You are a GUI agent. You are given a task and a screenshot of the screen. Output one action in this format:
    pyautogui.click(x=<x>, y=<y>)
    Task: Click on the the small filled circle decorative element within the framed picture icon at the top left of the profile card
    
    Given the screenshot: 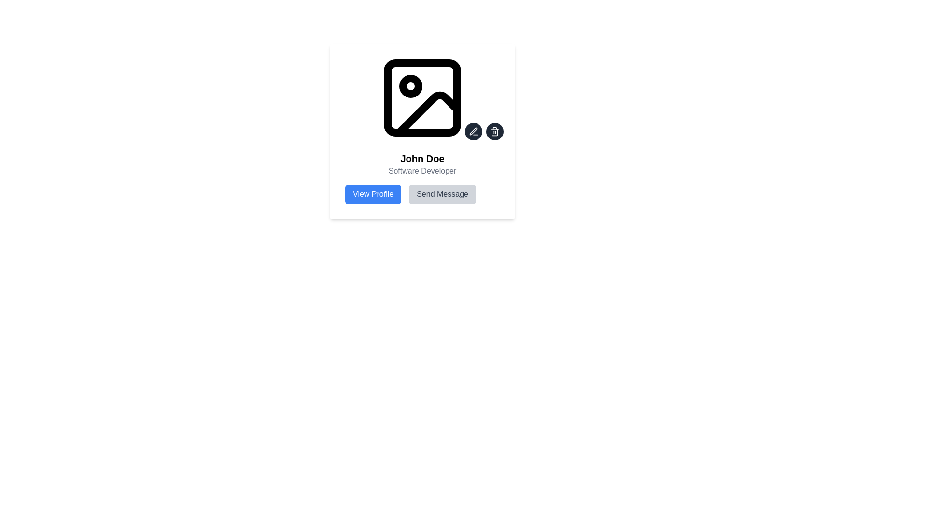 What is the action you would take?
    pyautogui.click(x=410, y=85)
    